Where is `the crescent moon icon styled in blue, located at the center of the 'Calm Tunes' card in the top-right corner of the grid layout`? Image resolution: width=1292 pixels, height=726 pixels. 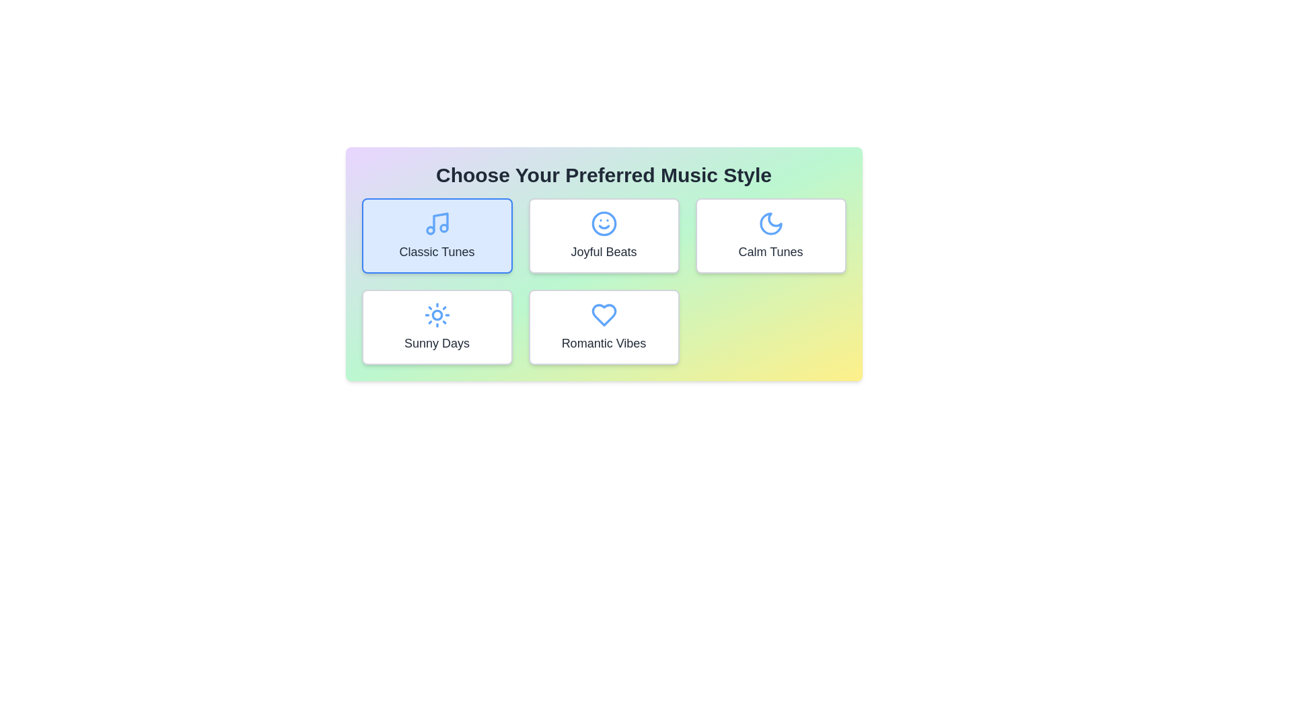
the crescent moon icon styled in blue, located at the center of the 'Calm Tunes' card in the top-right corner of the grid layout is located at coordinates (770, 223).